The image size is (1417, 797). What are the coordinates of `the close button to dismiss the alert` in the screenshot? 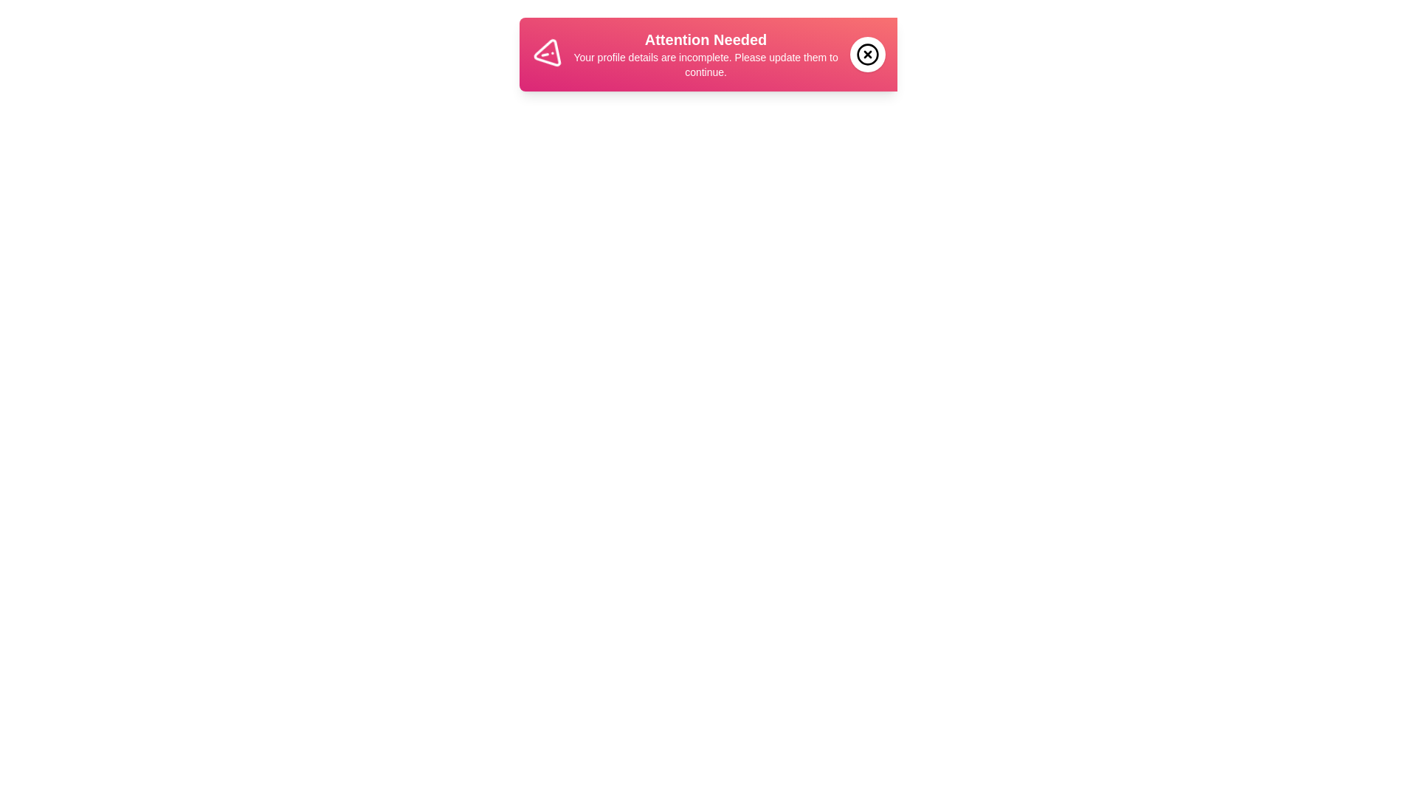 It's located at (868, 53).